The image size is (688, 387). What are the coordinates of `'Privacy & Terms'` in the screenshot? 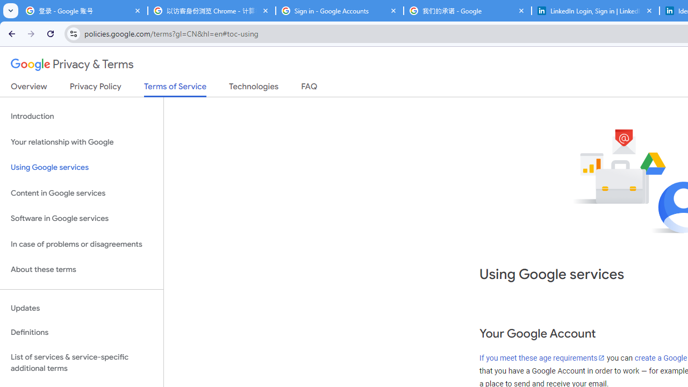 It's located at (72, 64).